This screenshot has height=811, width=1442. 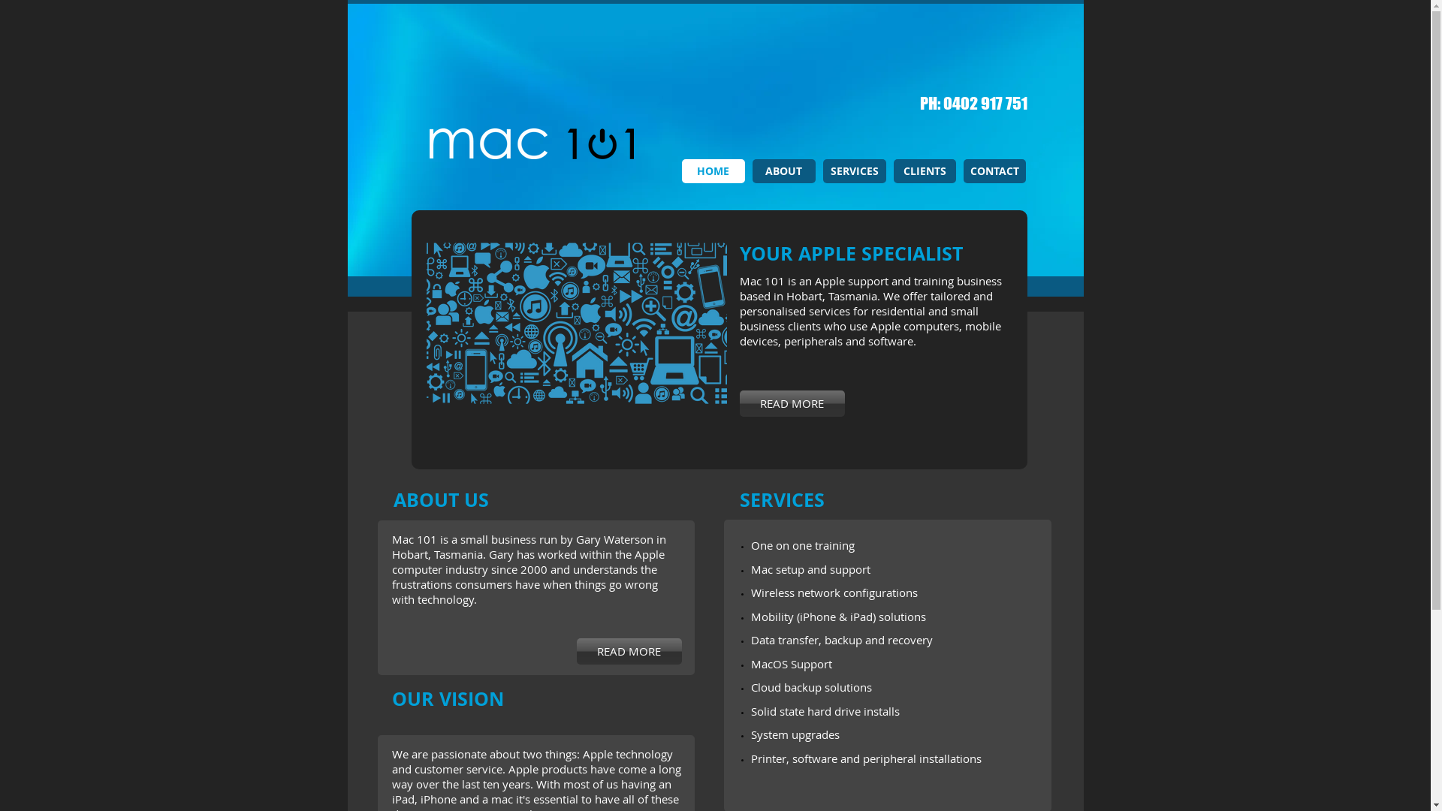 What do you see at coordinates (822, 170) in the screenshot?
I see `'SERVICES'` at bounding box center [822, 170].